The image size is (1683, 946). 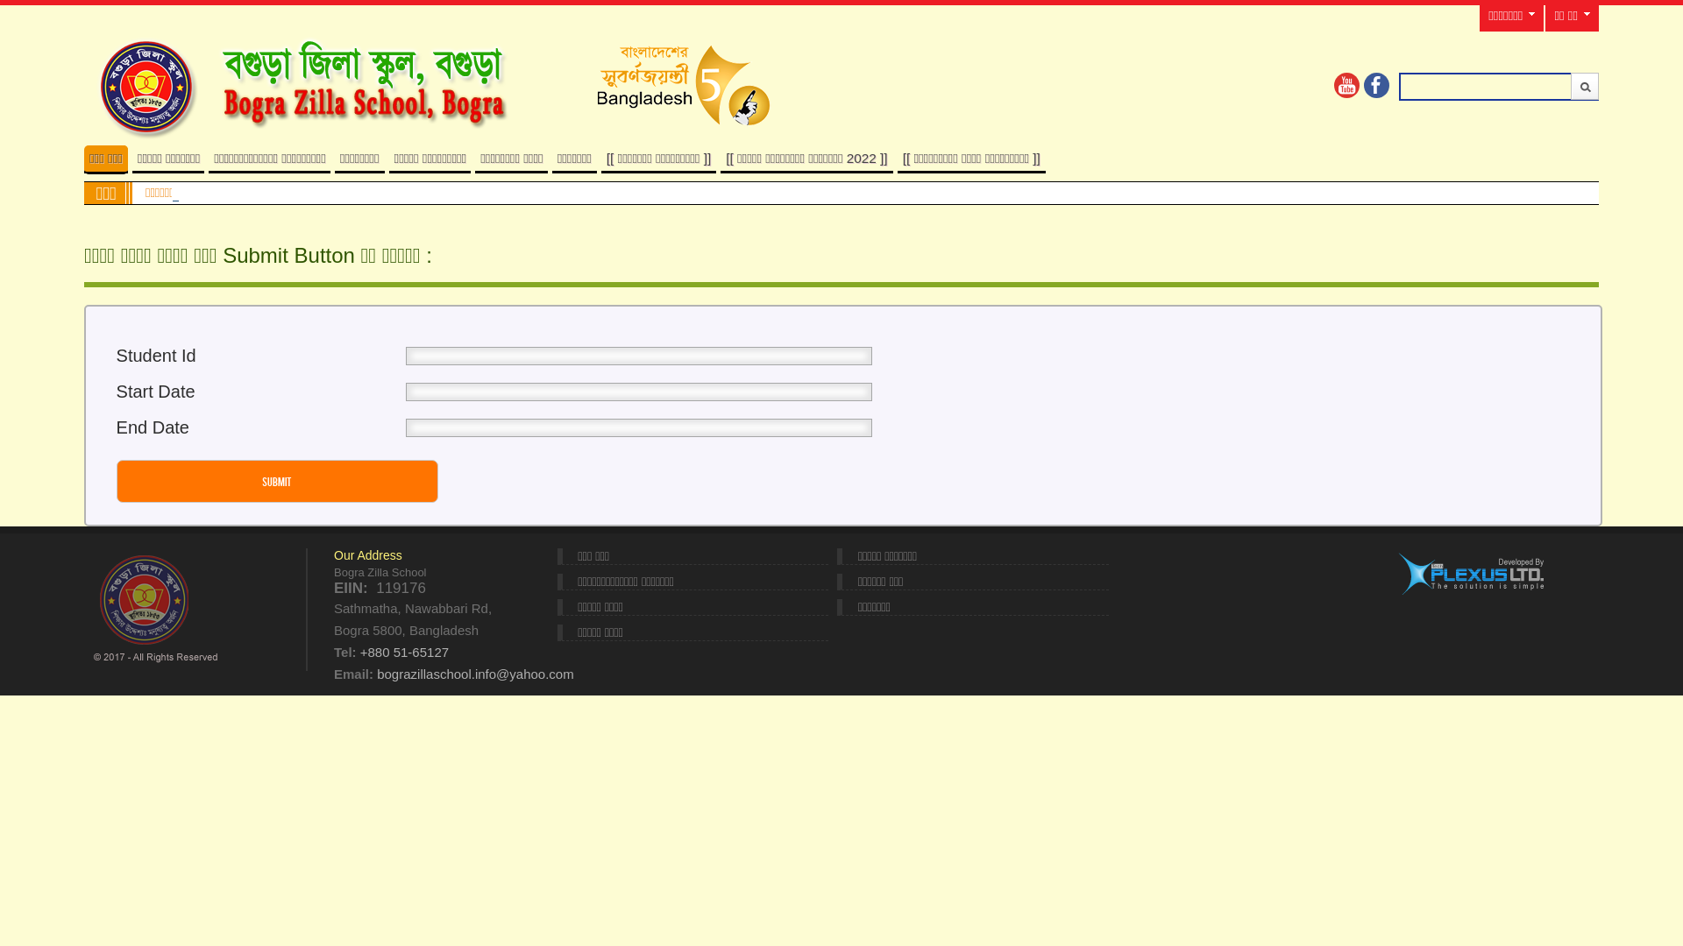 I want to click on 'Submit', so click(x=276, y=481).